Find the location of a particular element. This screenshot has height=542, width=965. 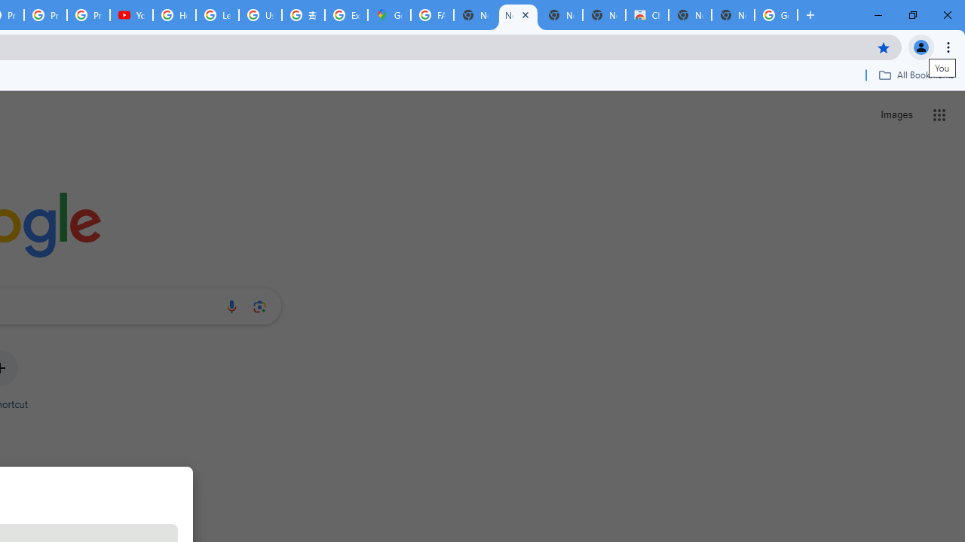

'Explore new street-level details - Google Maps Help' is located at coordinates (345, 15).